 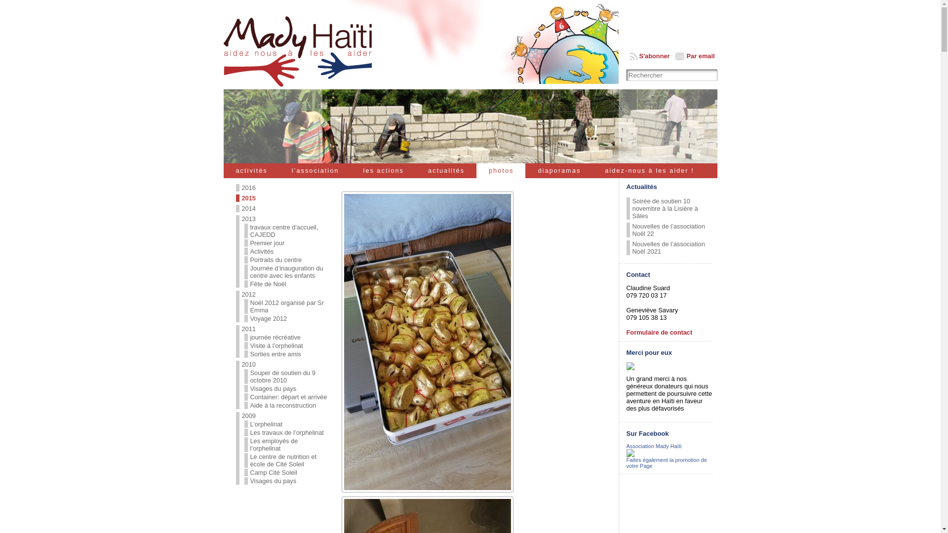 I want to click on '2009', so click(x=249, y=416).